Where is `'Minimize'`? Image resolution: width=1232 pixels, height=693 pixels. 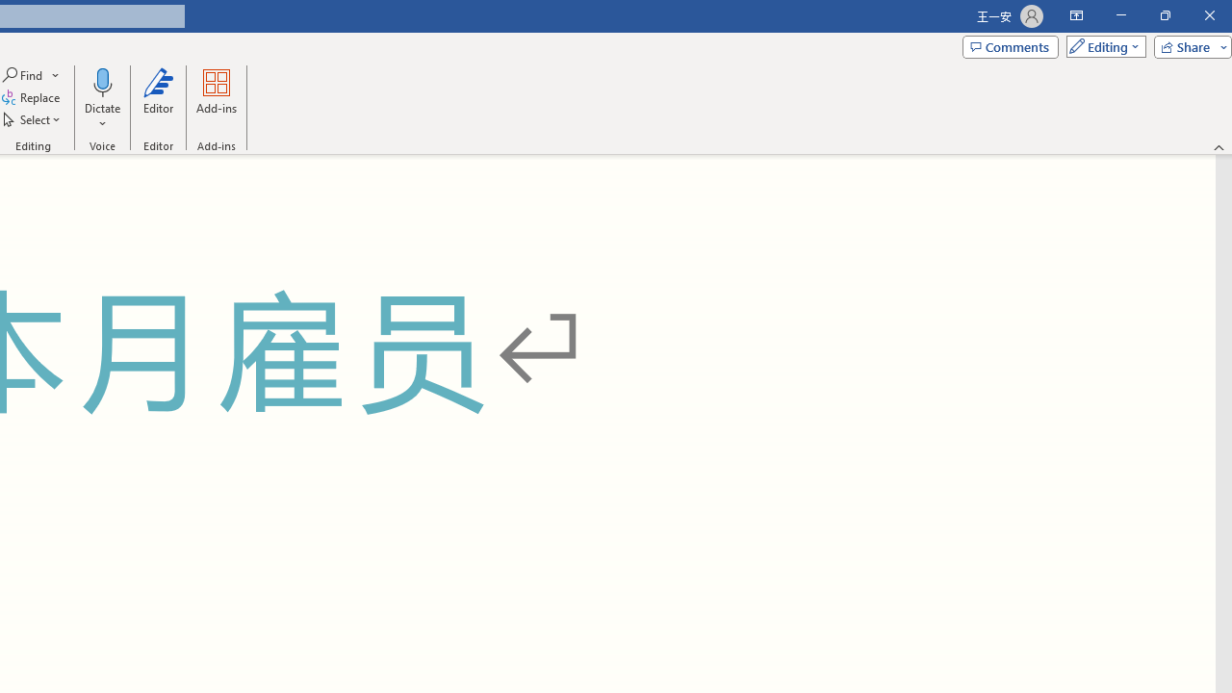
'Minimize' is located at coordinates (1120, 15).